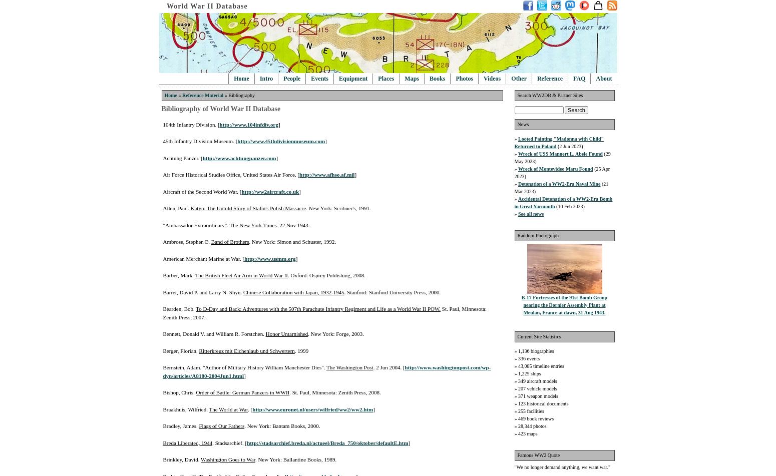 Image resolution: width=776 pixels, height=476 pixels. I want to click on 'Intro', so click(265, 79).